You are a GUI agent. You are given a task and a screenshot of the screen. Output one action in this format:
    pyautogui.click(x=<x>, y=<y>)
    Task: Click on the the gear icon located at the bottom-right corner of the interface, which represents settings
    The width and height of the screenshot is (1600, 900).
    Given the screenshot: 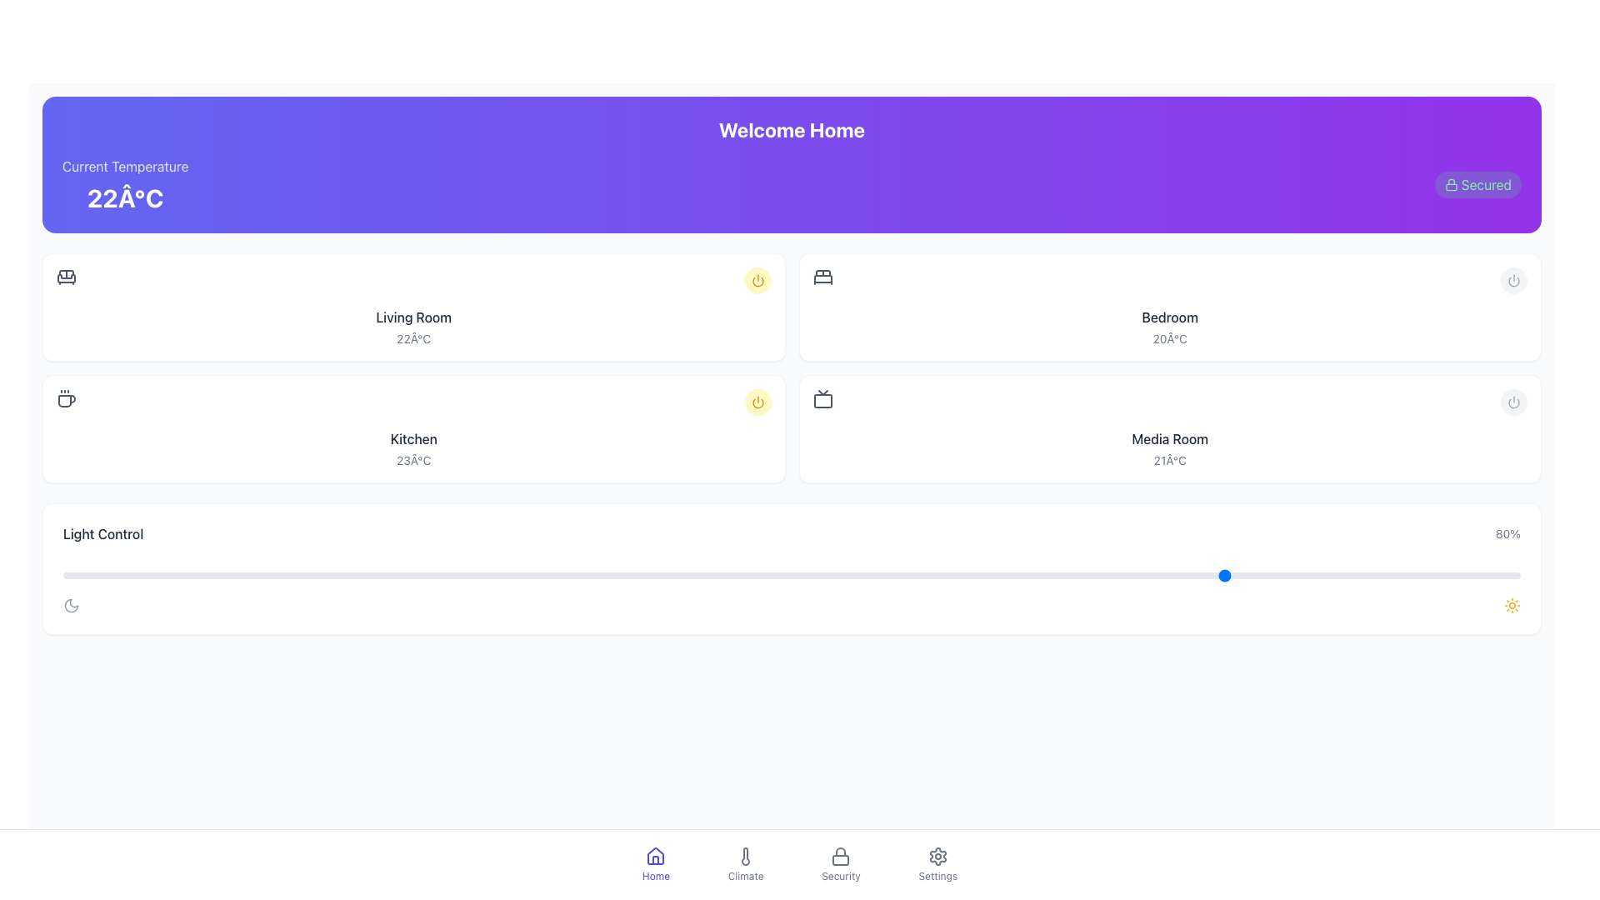 What is the action you would take?
    pyautogui.click(x=937, y=857)
    